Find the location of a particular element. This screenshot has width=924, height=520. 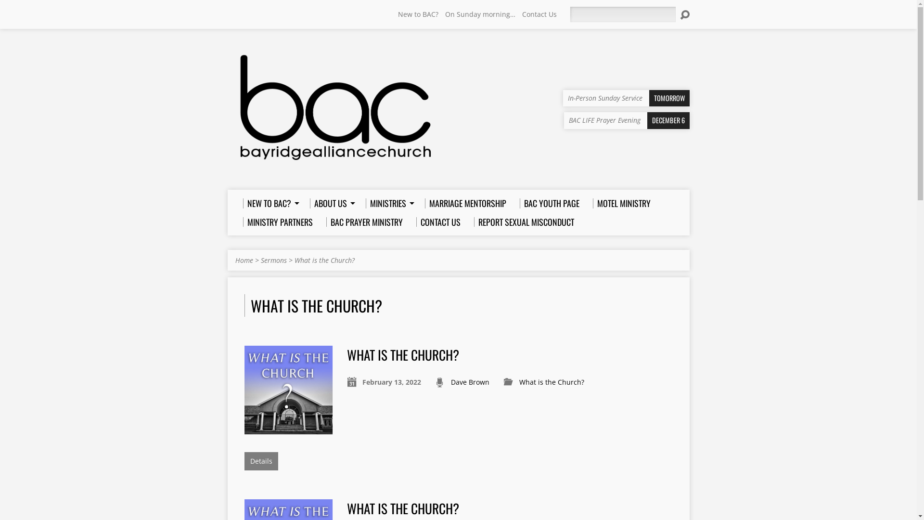

'MINISTRIES' is located at coordinates (388, 202).